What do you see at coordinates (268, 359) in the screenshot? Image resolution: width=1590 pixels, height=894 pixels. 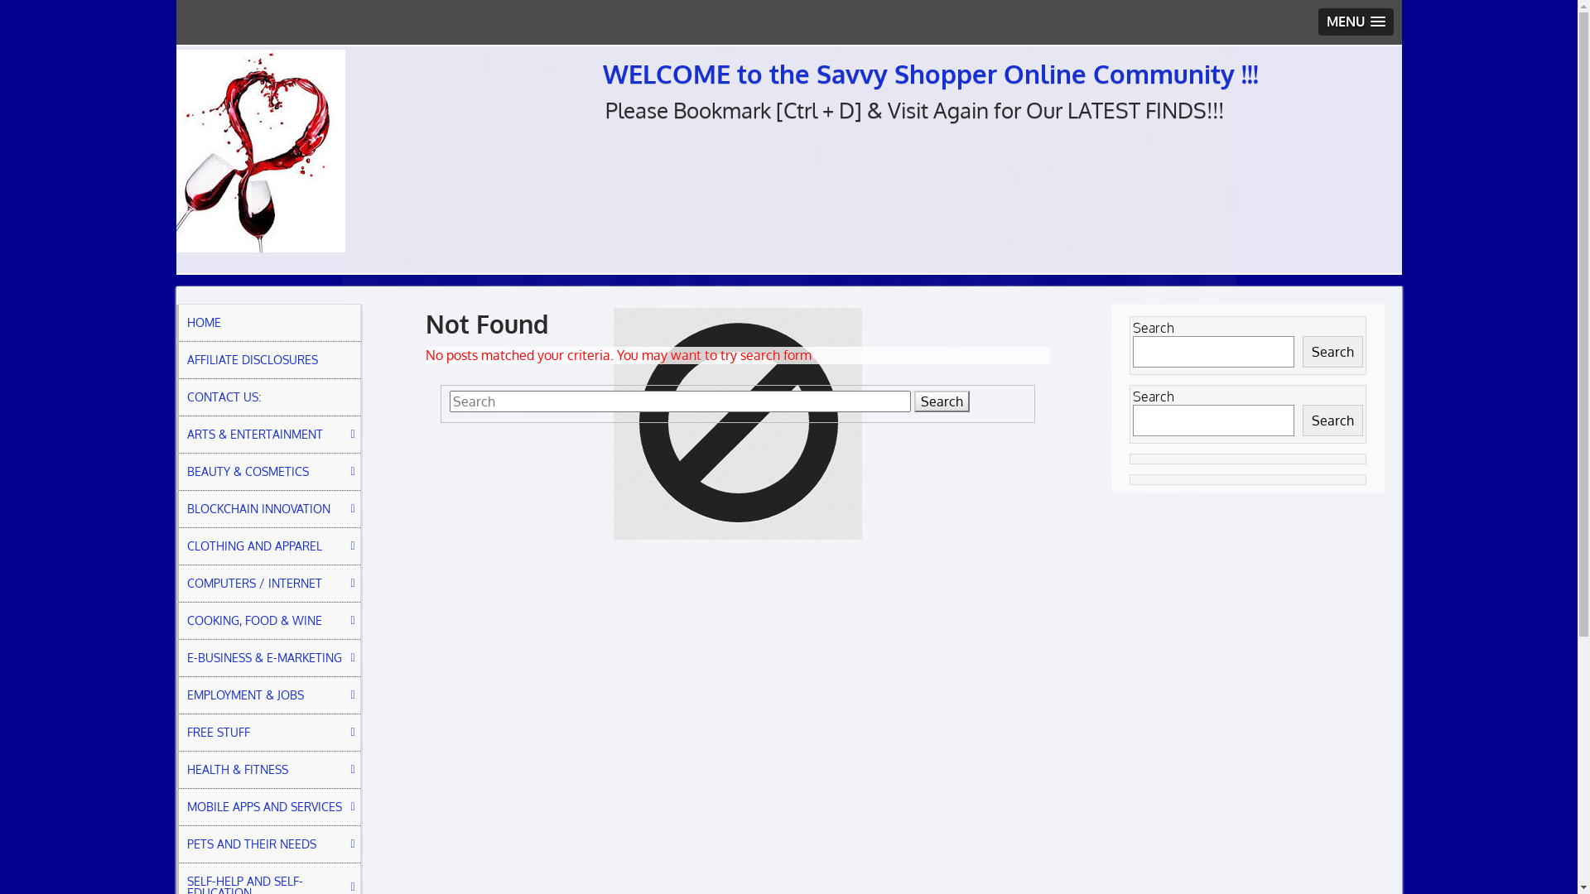 I see `'AFFILIATE DISCLOSURES'` at bounding box center [268, 359].